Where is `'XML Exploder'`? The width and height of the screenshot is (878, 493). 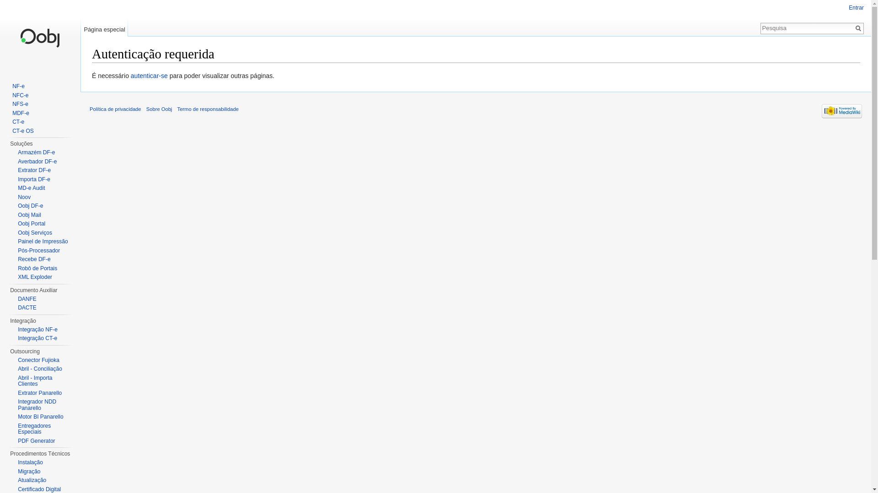
'XML Exploder' is located at coordinates (35, 276).